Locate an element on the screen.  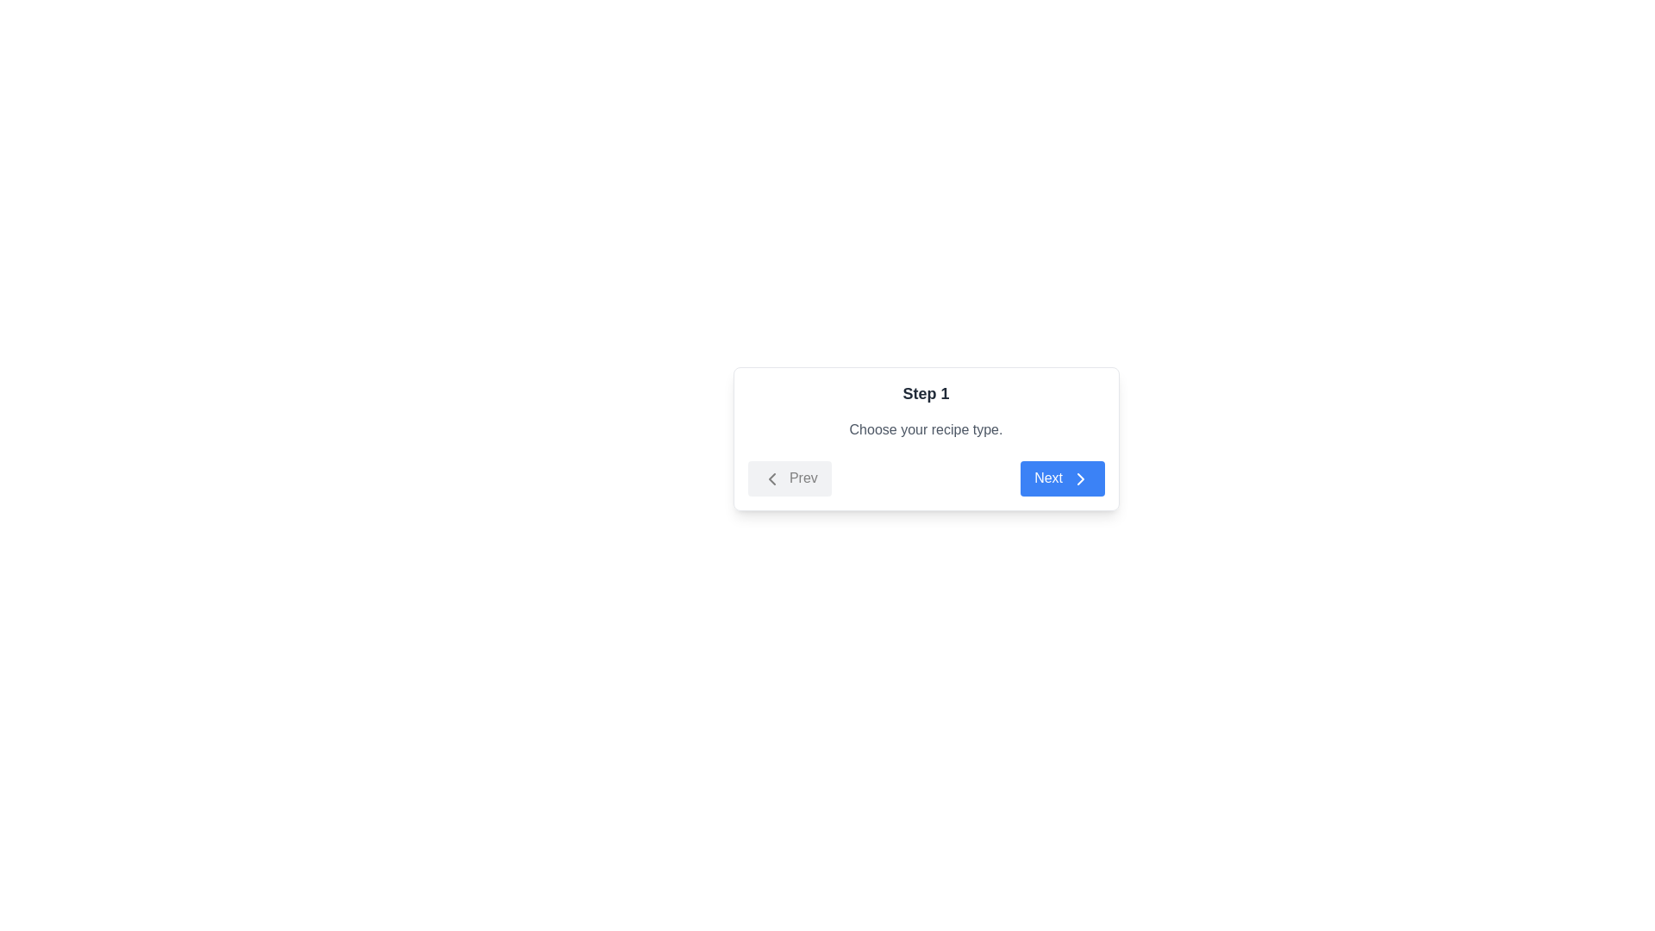
the 'Prev' button, which features a leftward-pointing chevron icon is located at coordinates (771, 478).